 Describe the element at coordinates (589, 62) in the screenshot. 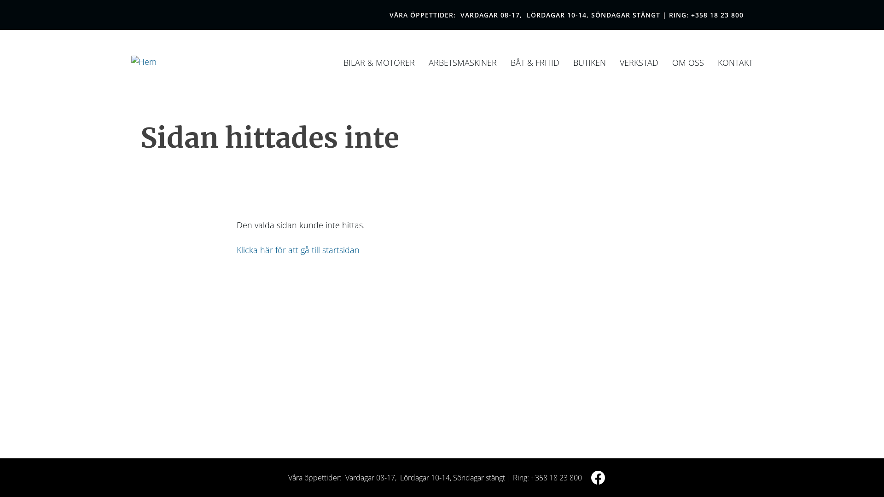

I see `'BUTIKEN'` at that location.